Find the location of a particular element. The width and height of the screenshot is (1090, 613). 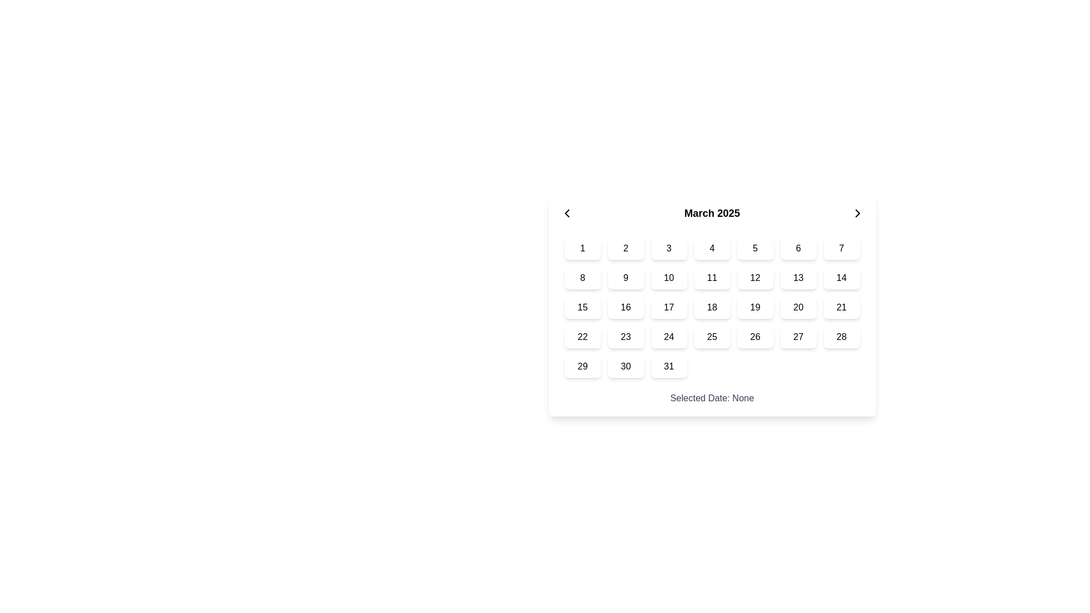

the rectangular button with a white background and the black number '28' displayed in its center, located is located at coordinates (841, 337).